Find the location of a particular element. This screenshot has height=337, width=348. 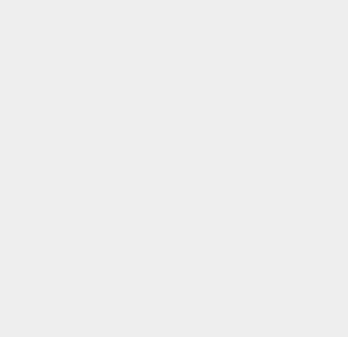

'iMac' is located at coordinates (251, 331).